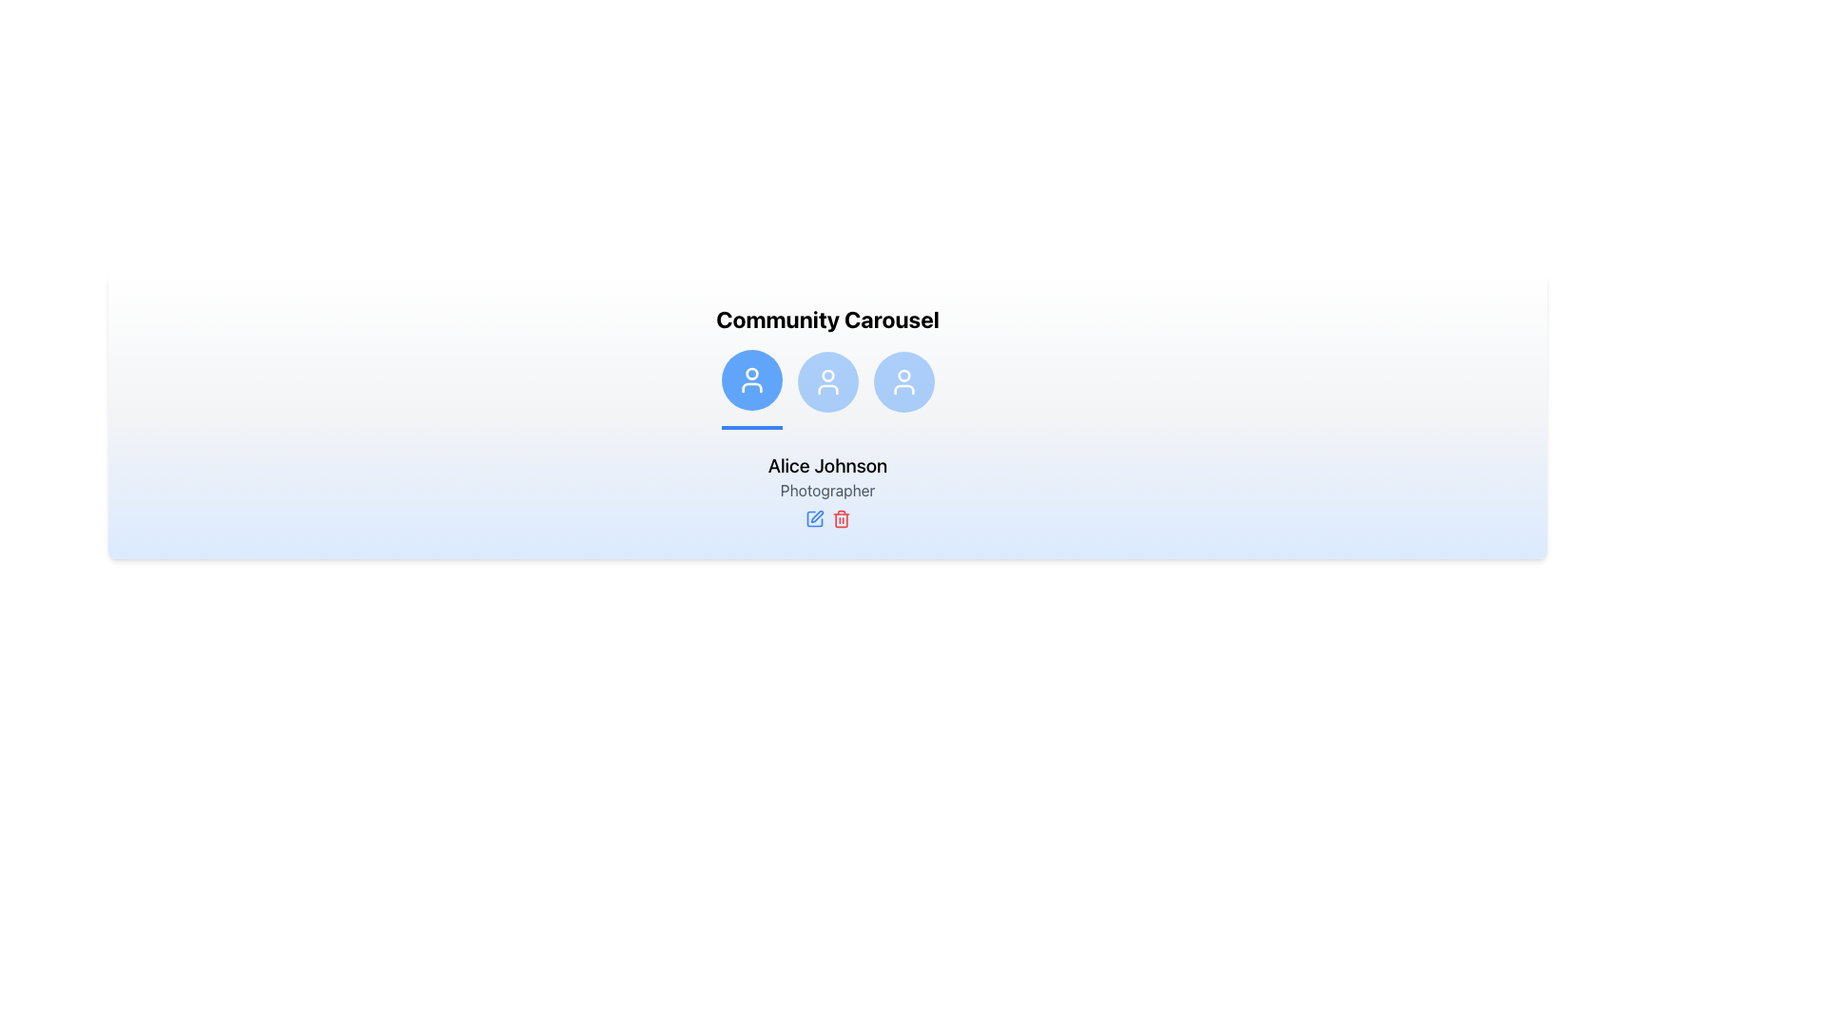 This screenshot has width=1826, height=1027. What do you see at coordinates (814, 519) in the screenshot?
I see `the edit button located in the middle of the bottom section of the card, directly to the left of the trash bin icon, to initiate content modification` at bounding box center [814, 519].